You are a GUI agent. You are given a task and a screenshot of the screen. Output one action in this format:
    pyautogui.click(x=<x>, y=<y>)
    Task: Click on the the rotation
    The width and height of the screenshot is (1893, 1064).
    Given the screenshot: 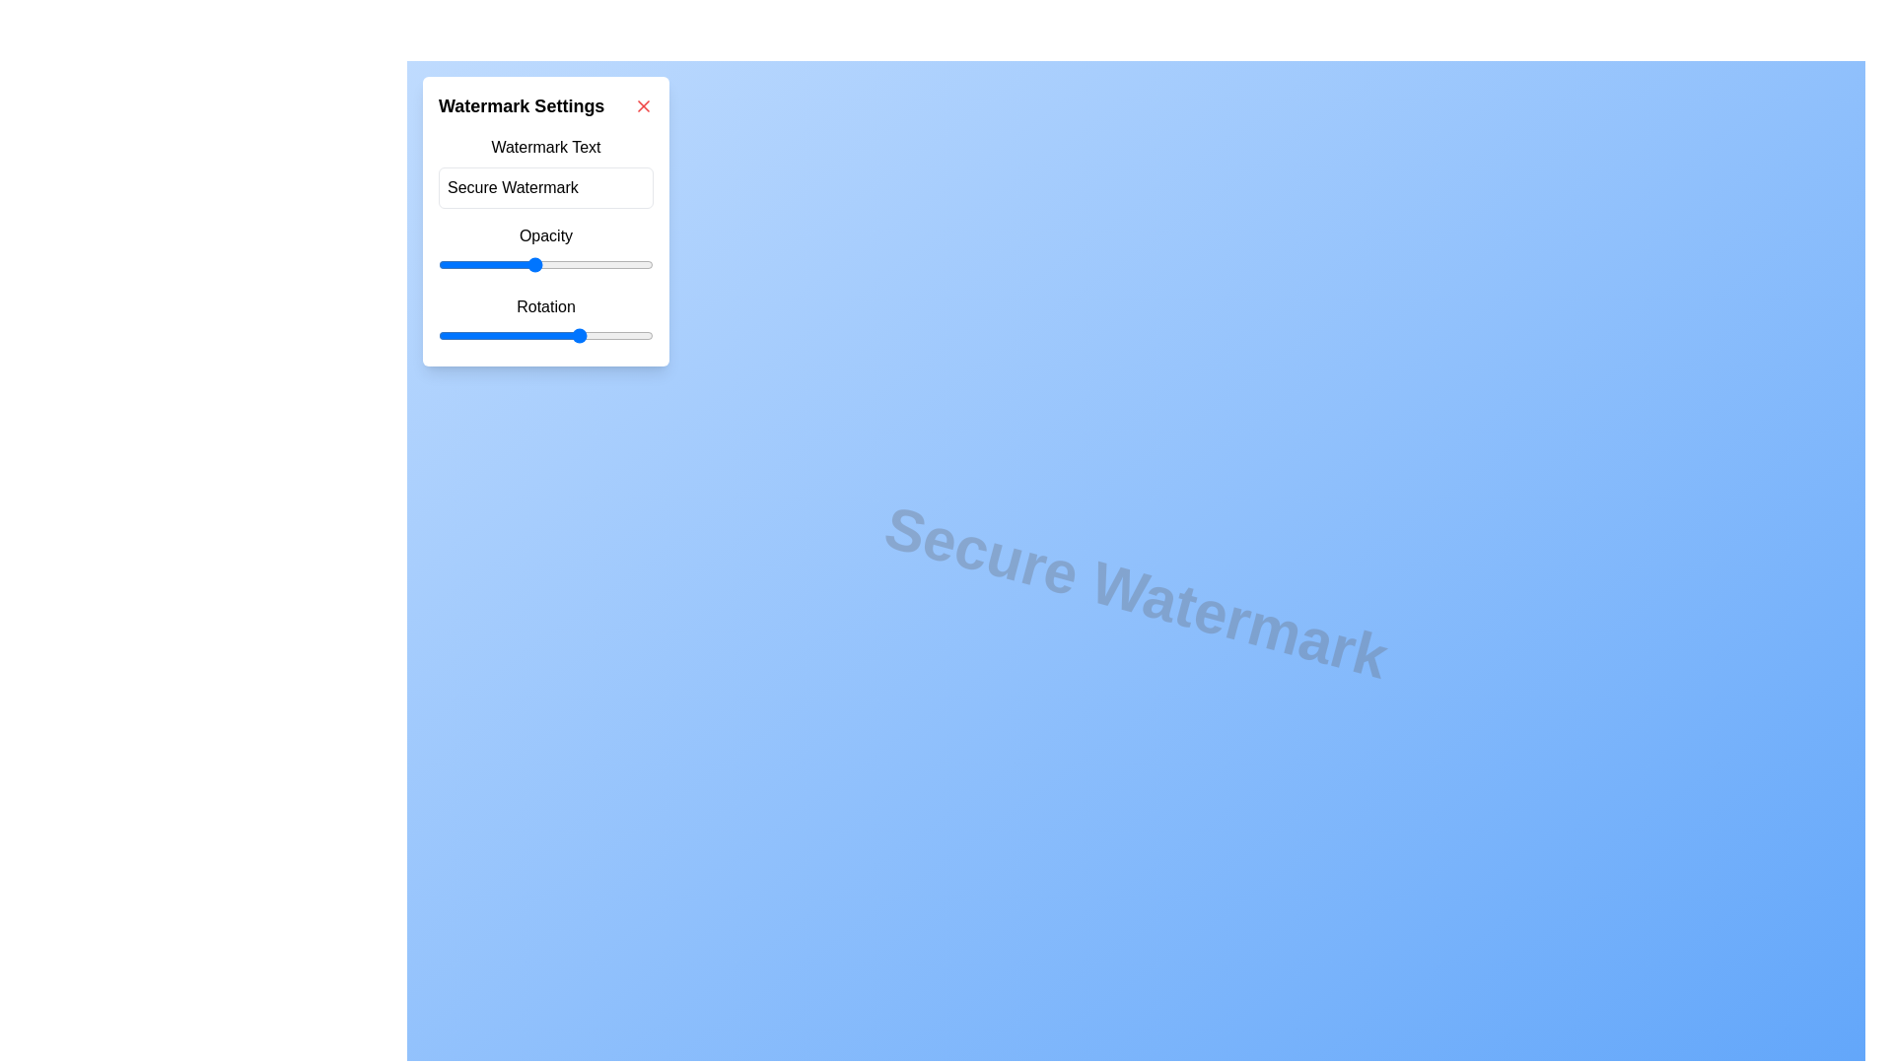 What is the action you would take?
    pyautogui.click(x=637, y=334)
    